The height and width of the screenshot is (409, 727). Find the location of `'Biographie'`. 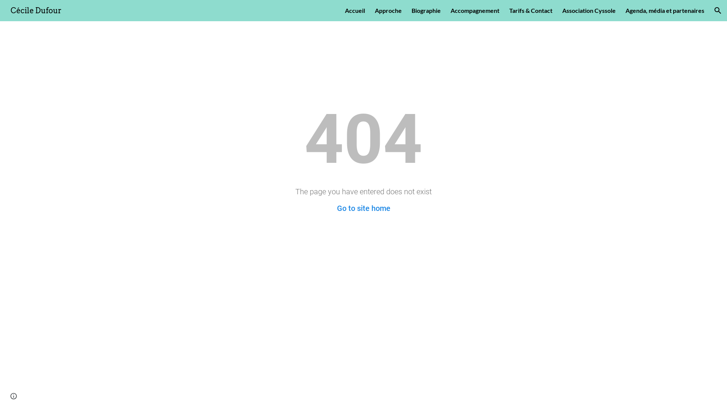

'Biographie' is located at coordinates (426, 10).